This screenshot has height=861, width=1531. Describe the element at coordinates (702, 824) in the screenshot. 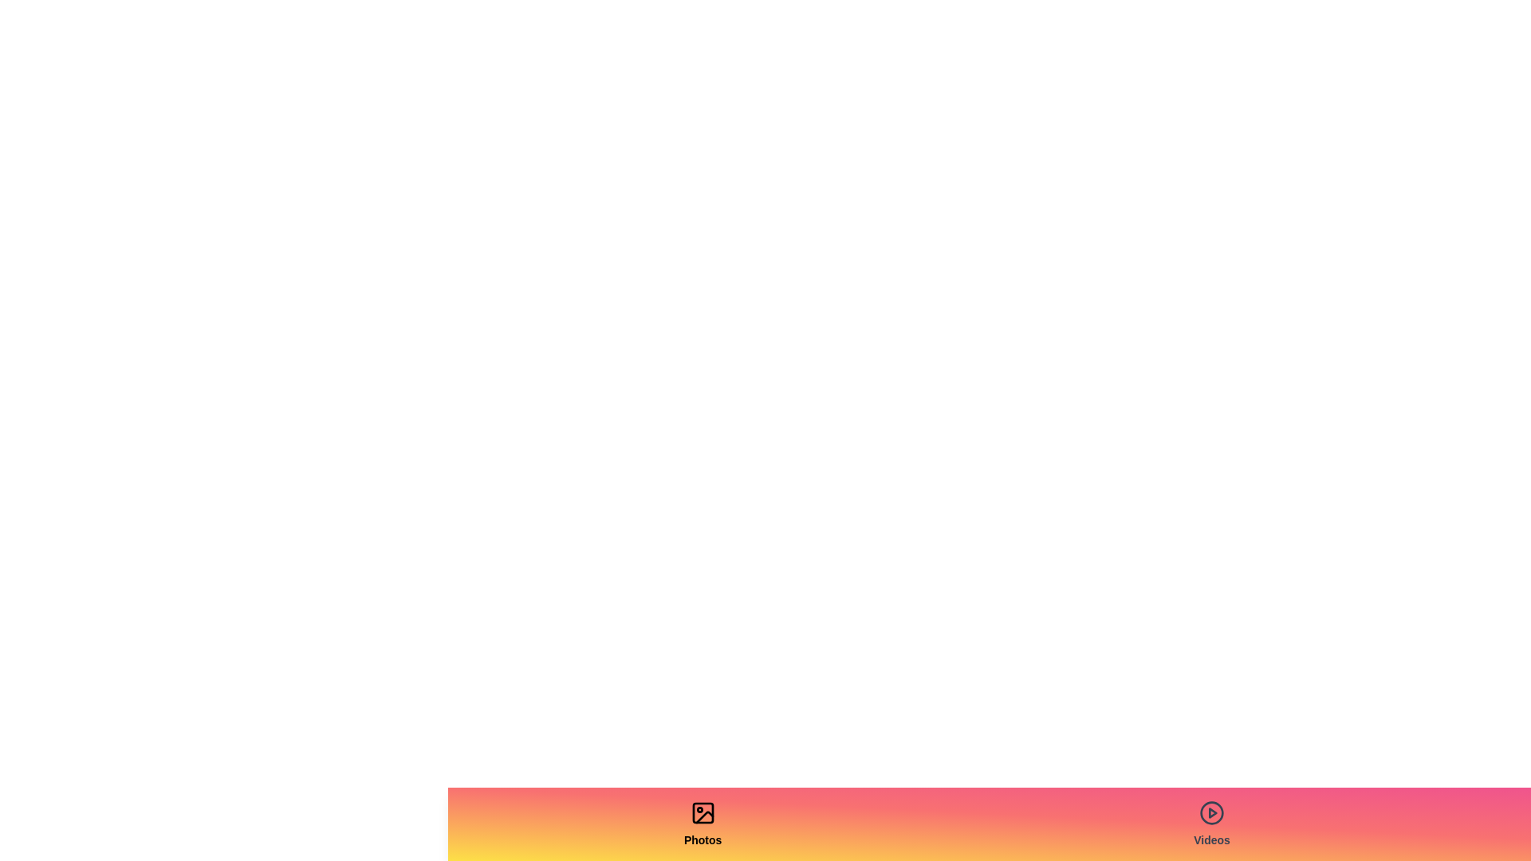

I see `the tab labeled Photos to observe its hover animation effect` at that location.